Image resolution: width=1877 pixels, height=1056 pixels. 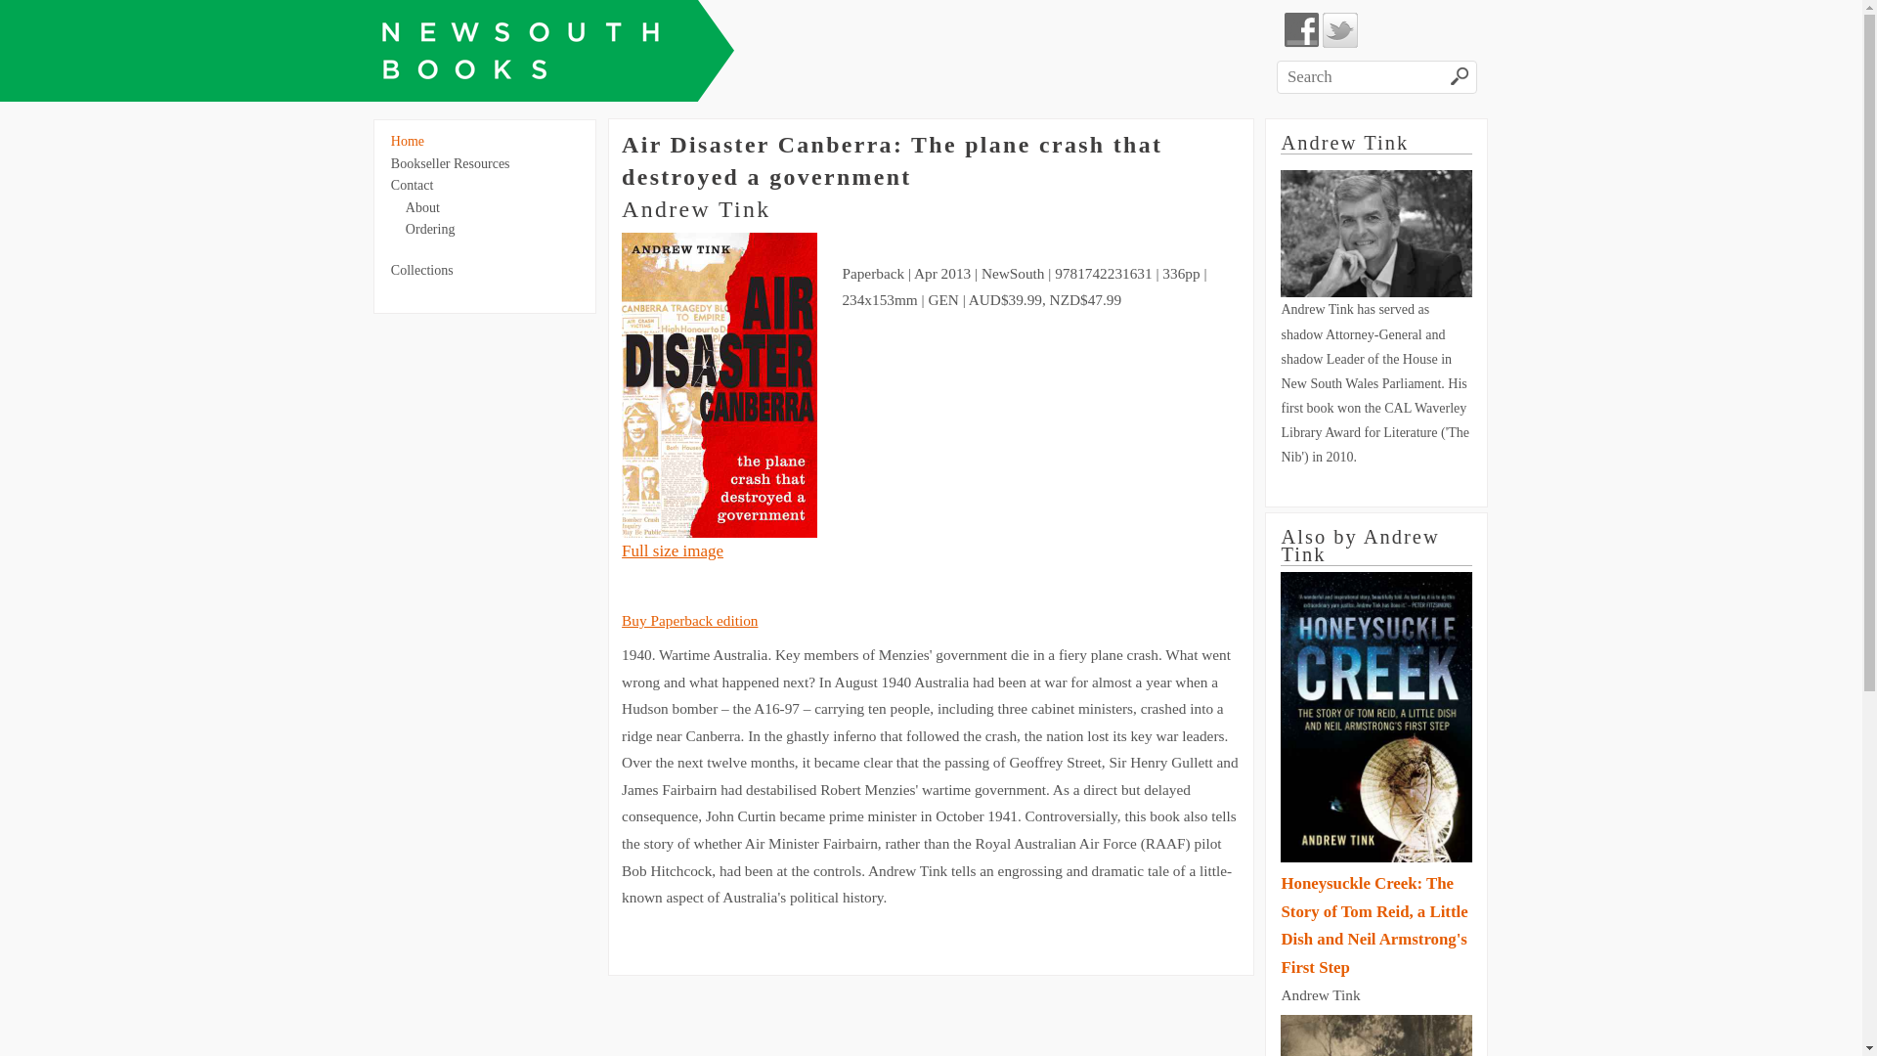 What do you see at coordinates (412, 185) in the screenshot?
I see `'Contact'` at bounding box center [412, 185].